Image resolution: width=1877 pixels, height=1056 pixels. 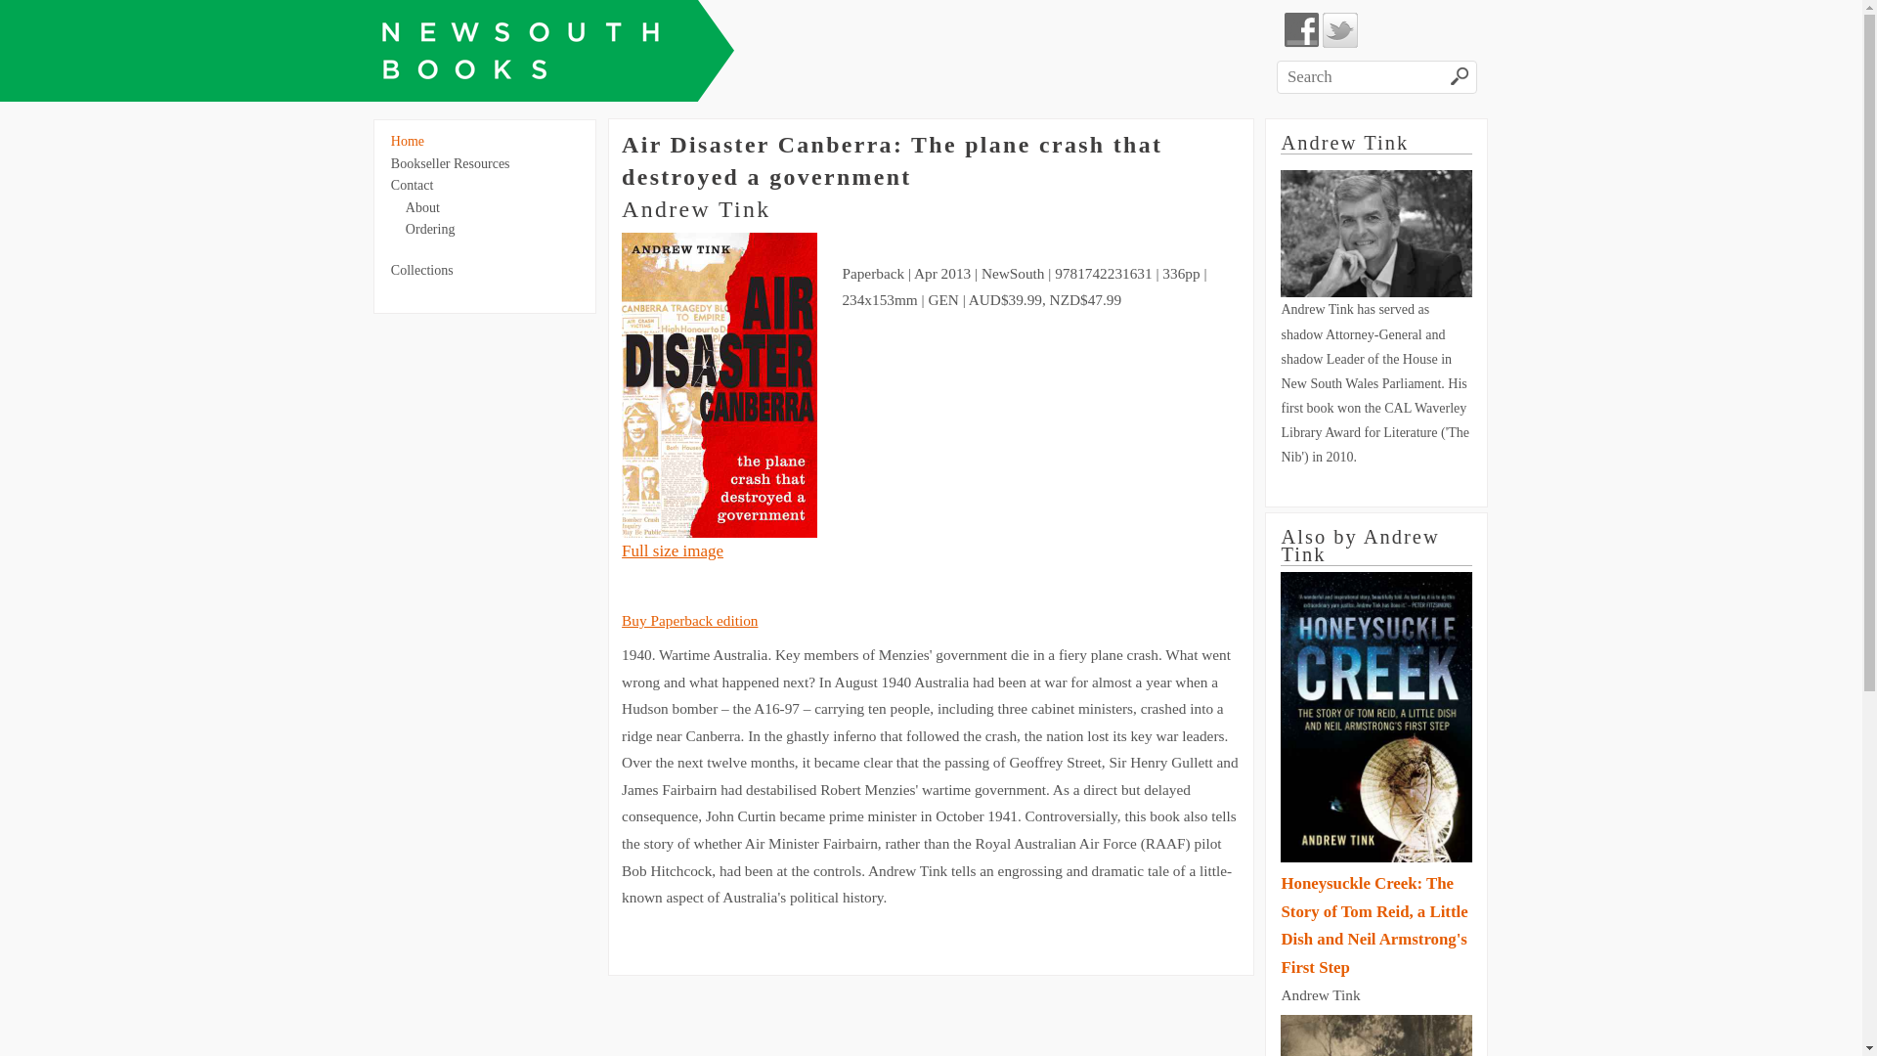 What do you see at coordinates (412, 185) in the screenshot?
I see `'Contact'` at bounding box center [412, 185].